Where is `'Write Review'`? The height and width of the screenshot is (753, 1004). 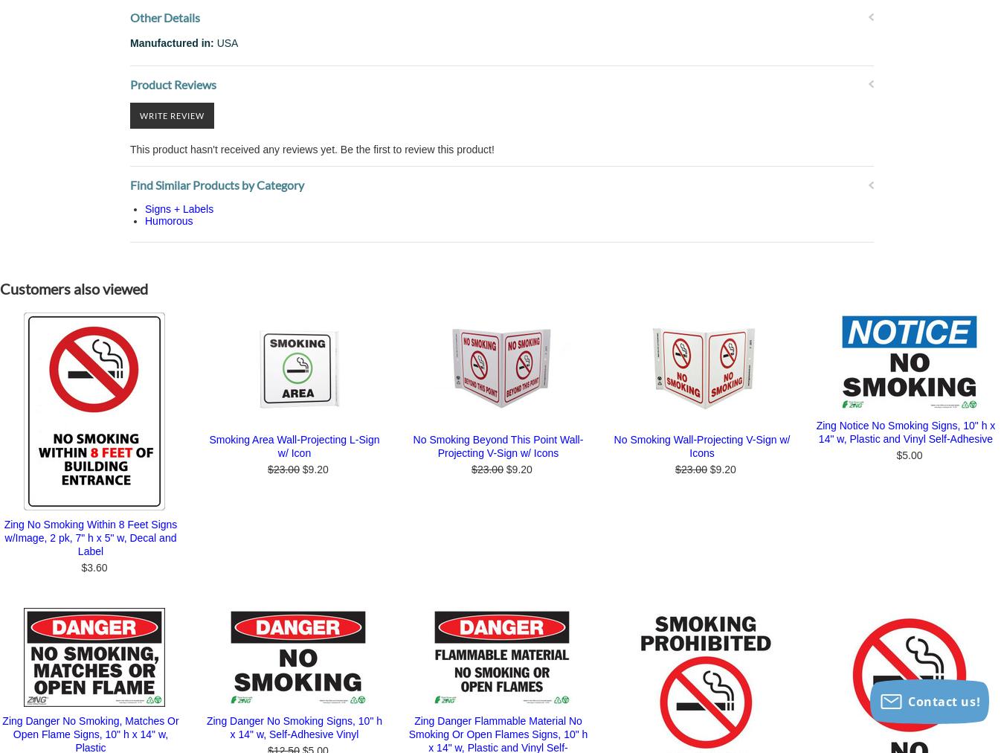
'Write Review' is located at coordinates (171, 115).